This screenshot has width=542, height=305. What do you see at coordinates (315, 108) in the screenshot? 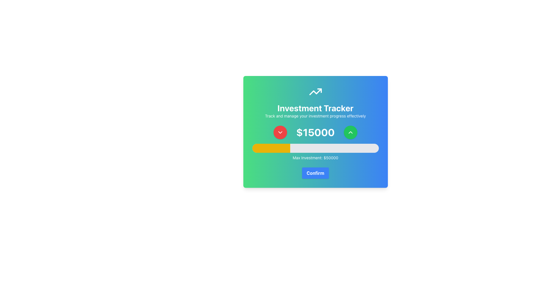
I see `the header text element that indicates the primary purpose of the application, which is centrally aligned and positioned between a graphical icon and a smaller descriptive text` at bounding box center [315, 108].